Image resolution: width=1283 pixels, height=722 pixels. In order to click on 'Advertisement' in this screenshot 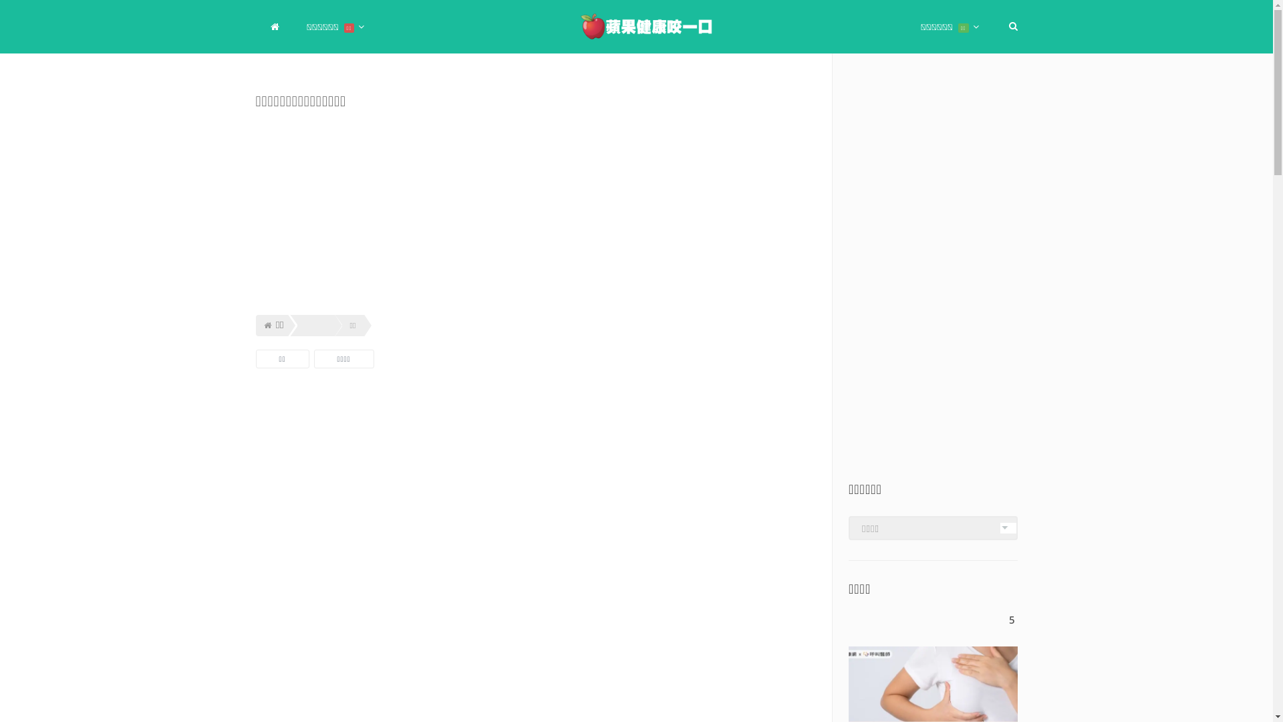, I will do `click(255, 467)`.